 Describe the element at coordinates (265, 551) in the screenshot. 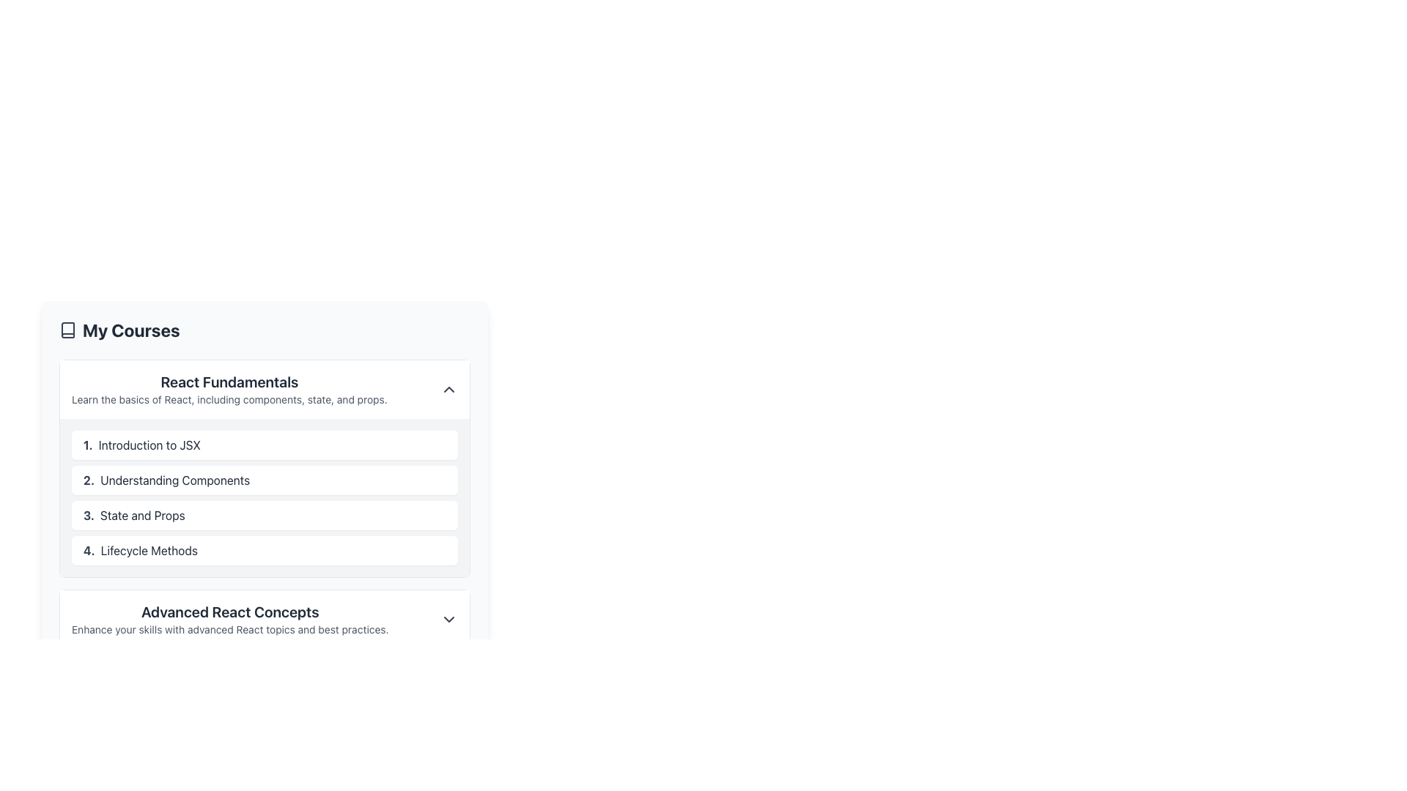

I see `the list item labeled '4. Lifecycle Methods'` at that location.